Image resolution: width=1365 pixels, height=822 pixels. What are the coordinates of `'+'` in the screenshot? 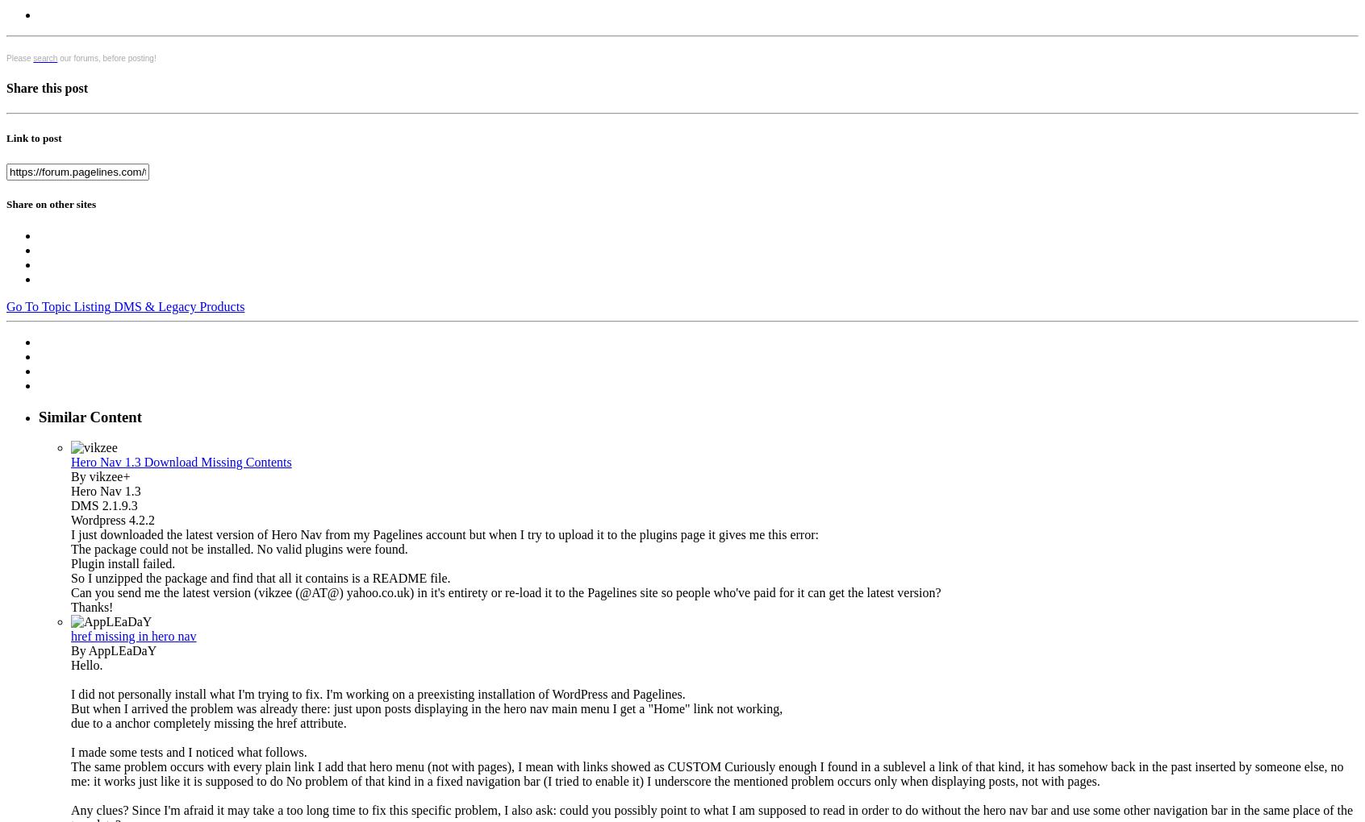 It's located at (125, 476).